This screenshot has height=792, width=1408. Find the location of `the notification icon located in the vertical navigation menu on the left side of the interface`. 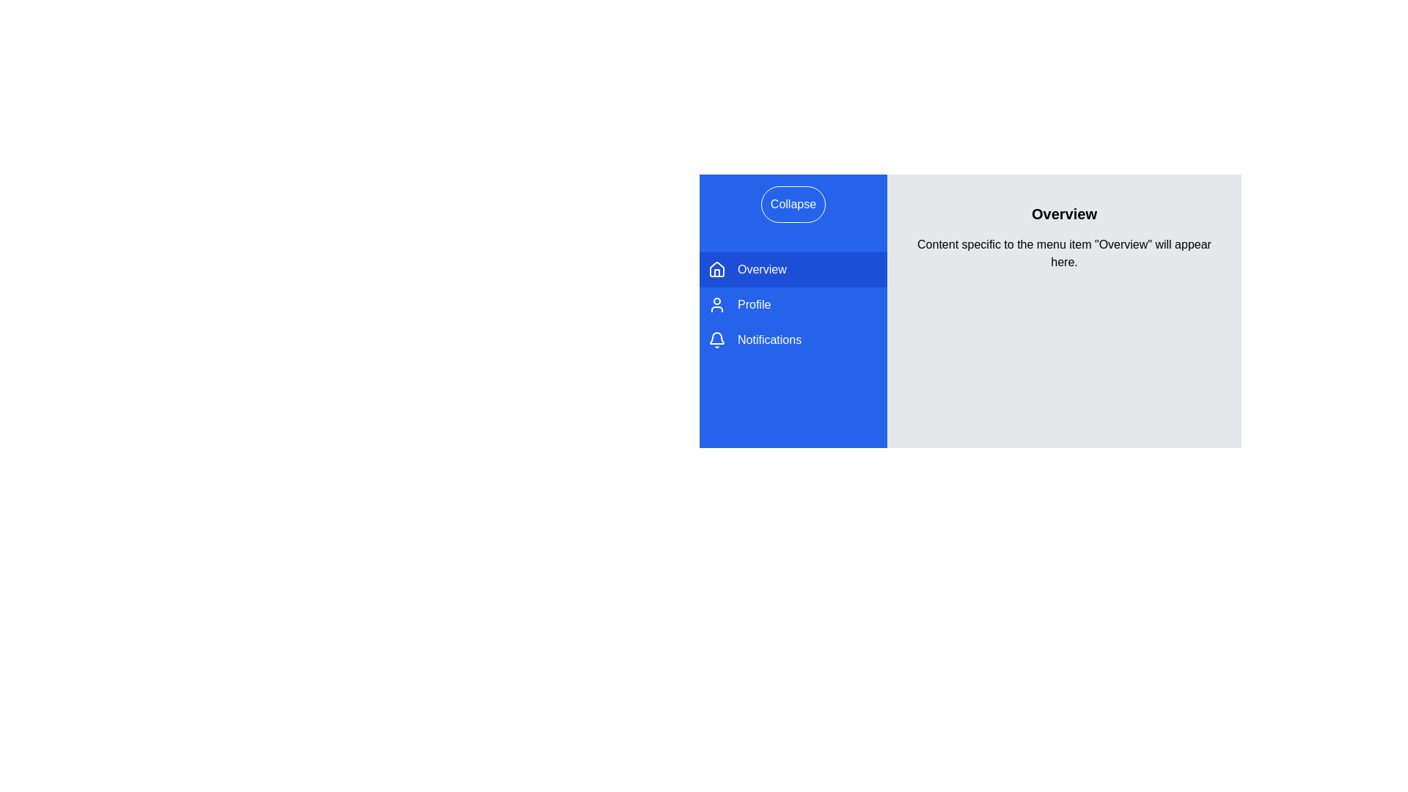

the notification icon located in the vertical navigation menu on the left side of the interface is located at coordinates (717, 338).